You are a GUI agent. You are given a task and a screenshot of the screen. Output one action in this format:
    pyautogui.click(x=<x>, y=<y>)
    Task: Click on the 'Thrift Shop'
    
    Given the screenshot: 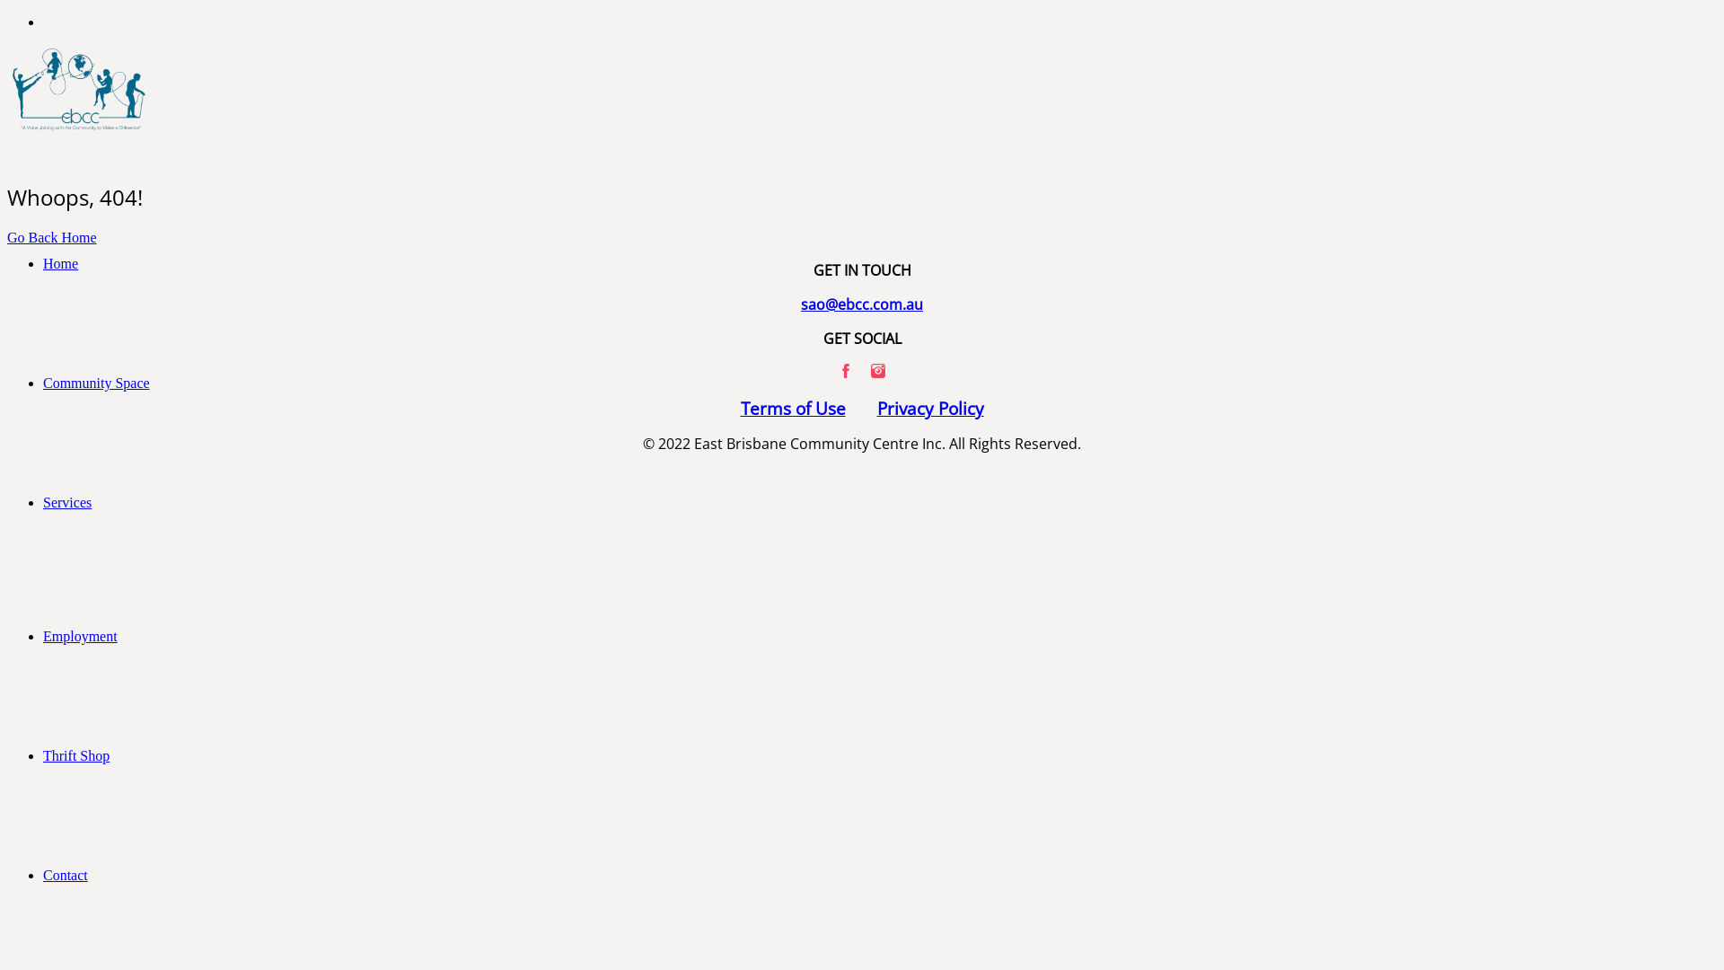 What is the action you would take?
    pyautogui.click(x=75, y=755)
    